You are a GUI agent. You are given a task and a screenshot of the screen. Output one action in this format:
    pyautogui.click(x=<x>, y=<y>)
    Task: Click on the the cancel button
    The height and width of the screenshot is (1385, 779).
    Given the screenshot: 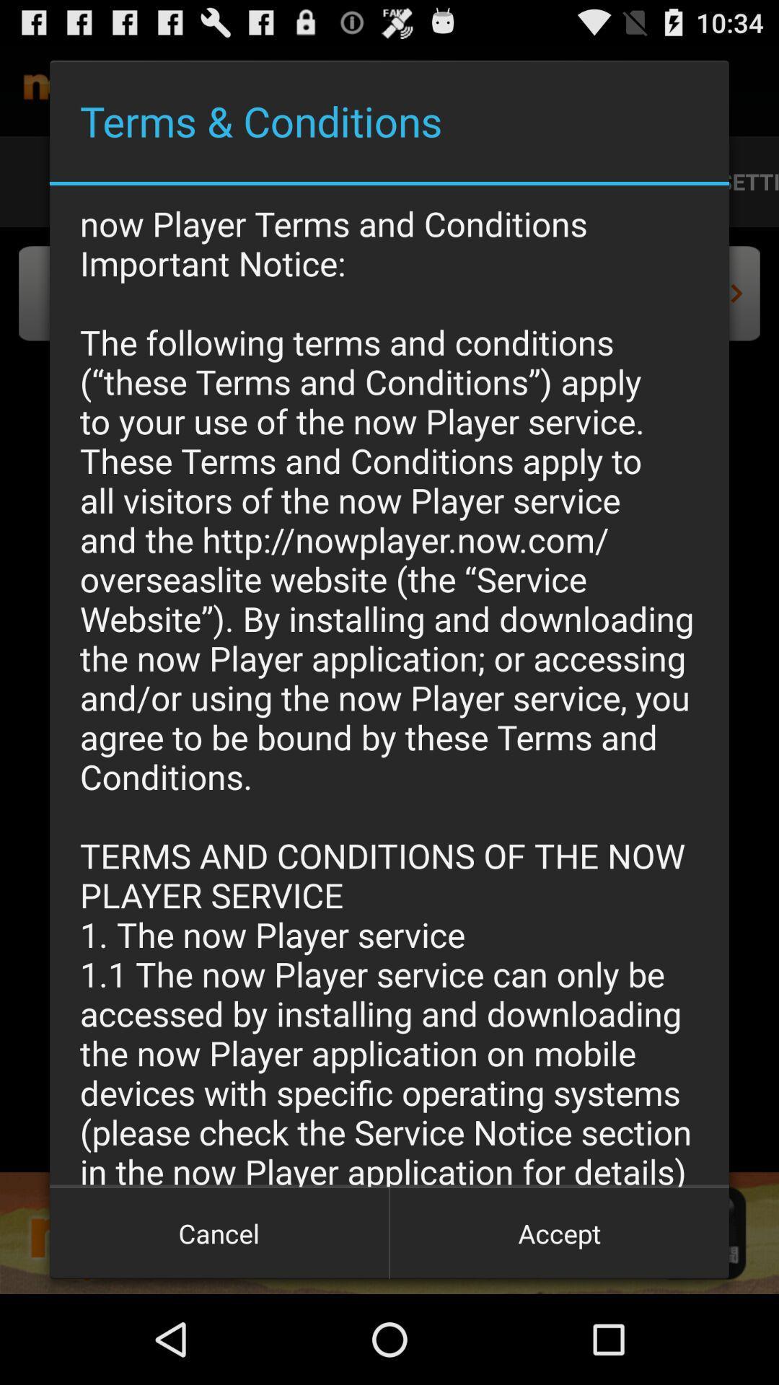 What is the action you would take?
    pyautogui.click(x=219, y=1232)
    